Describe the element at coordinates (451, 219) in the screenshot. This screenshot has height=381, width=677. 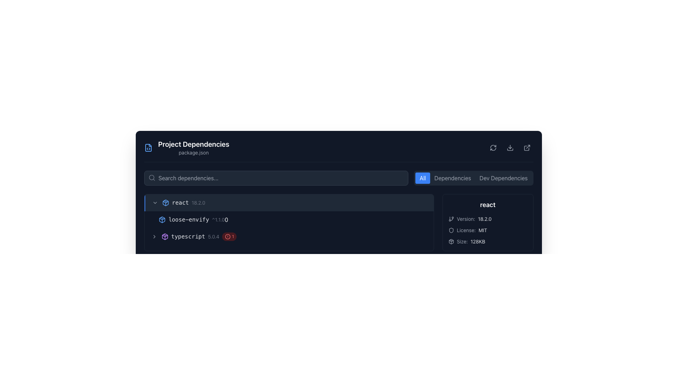
I see `the branching diagram icon located to the left of the text 'Version: 18.2.0'` at that location.